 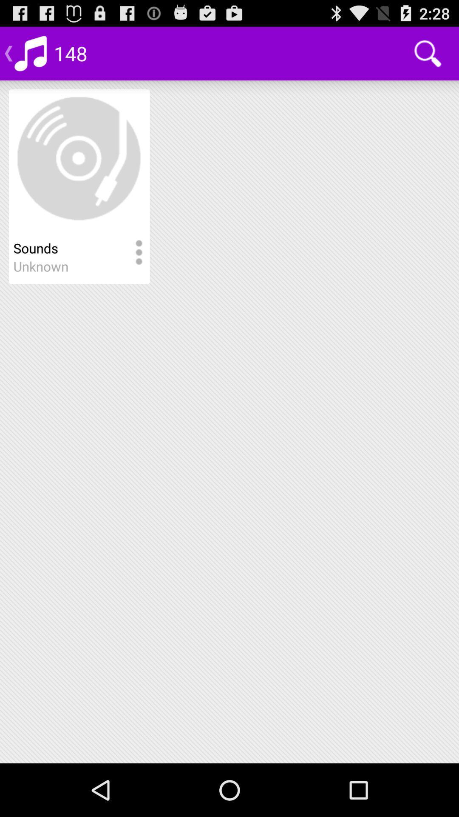 I want to click on open options menu, so click(x=138, y=252).